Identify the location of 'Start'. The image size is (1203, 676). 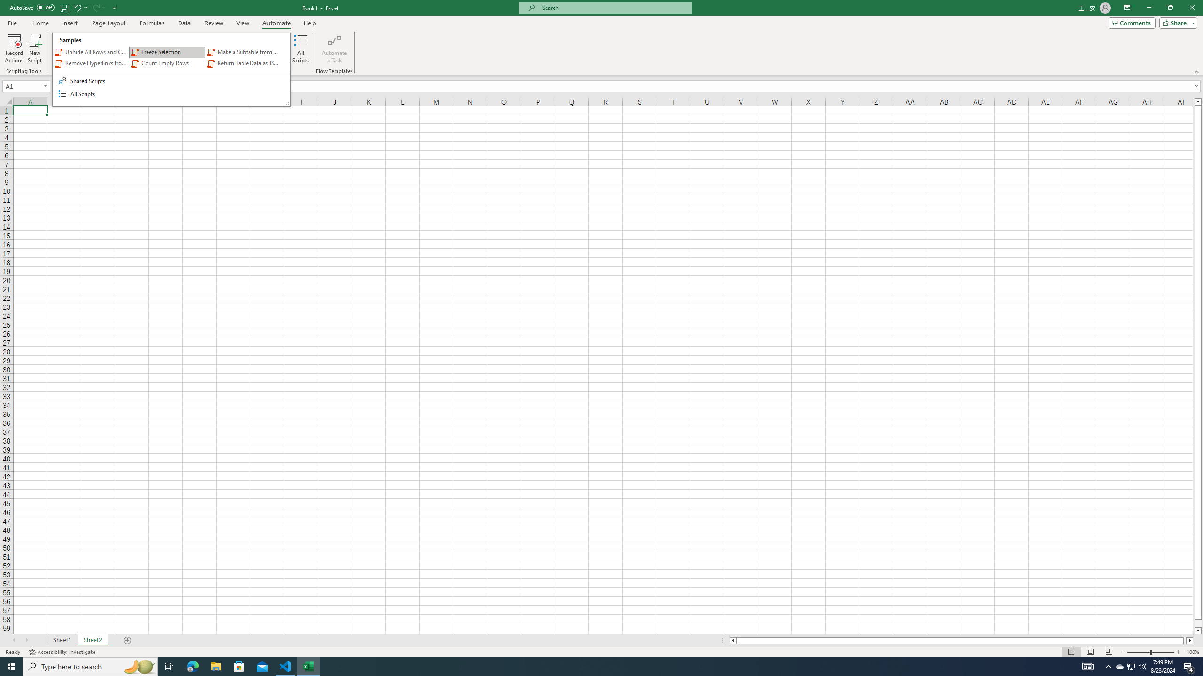
(11, 666).